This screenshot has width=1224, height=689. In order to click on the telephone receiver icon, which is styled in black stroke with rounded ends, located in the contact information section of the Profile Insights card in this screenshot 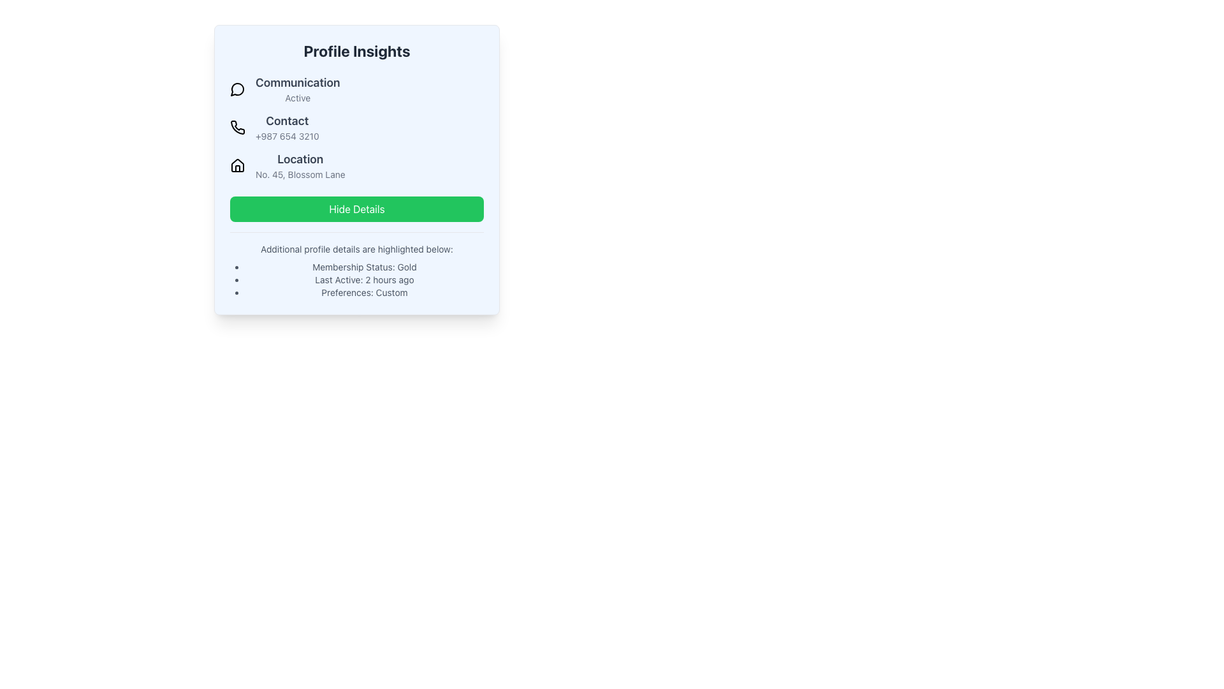, I will do `click(238, 128)`.